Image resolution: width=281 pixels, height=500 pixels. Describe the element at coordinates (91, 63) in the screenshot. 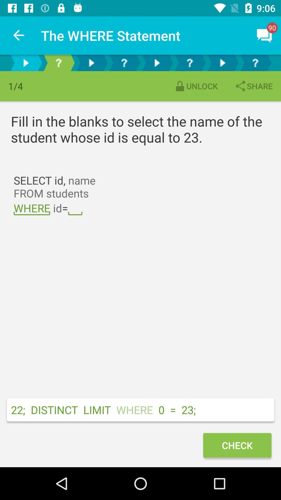

I see `the next file` at that location.